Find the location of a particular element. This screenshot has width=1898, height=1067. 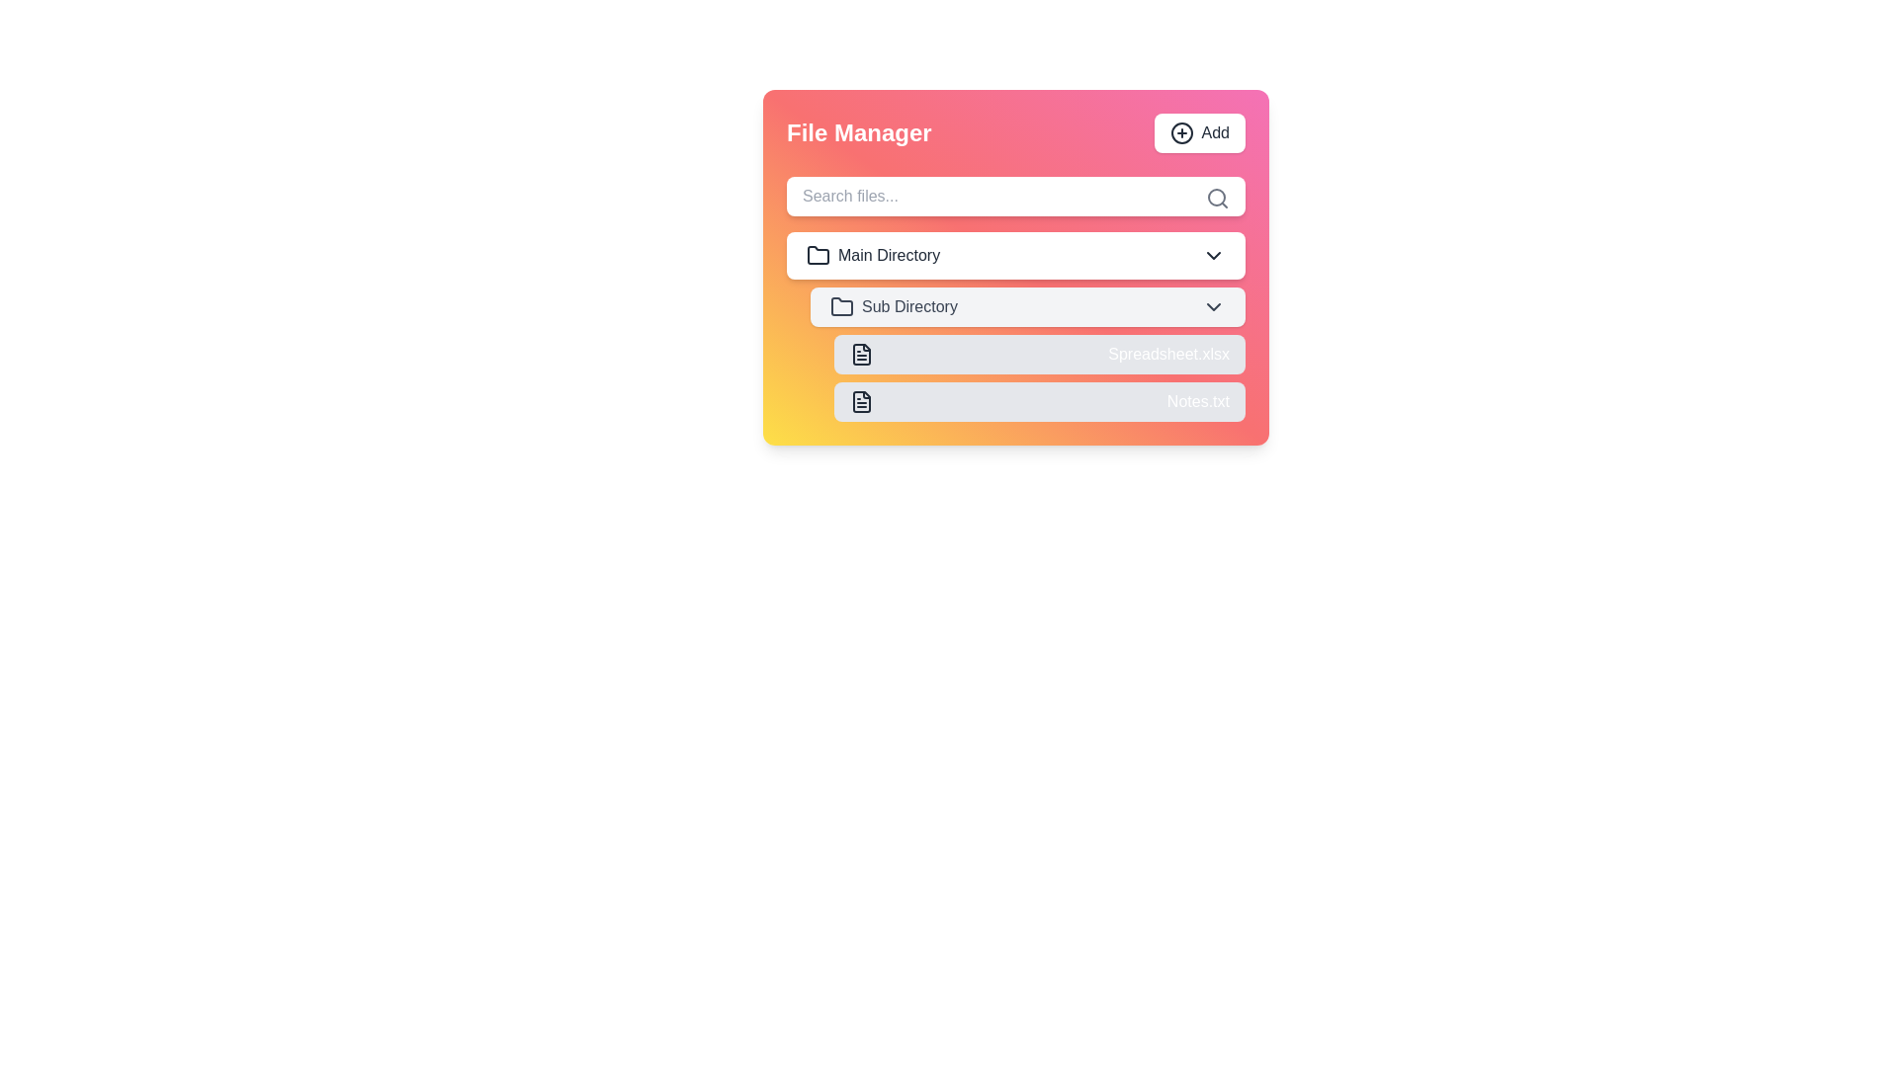

the downward-pointing chevron icon located to the far right inside the 'Sub Directory' row is located at coordinates (1213, 307).